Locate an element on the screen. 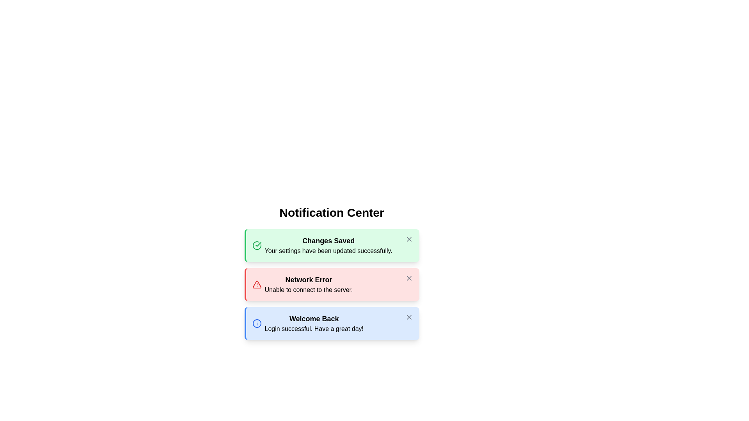 The width and height of the screenshot is (749, 421). the Informational Notification that states 'Welcome Back' and 'Login successful. Have a great day!' with a blue circular icon is located at coordinates (307, 323).